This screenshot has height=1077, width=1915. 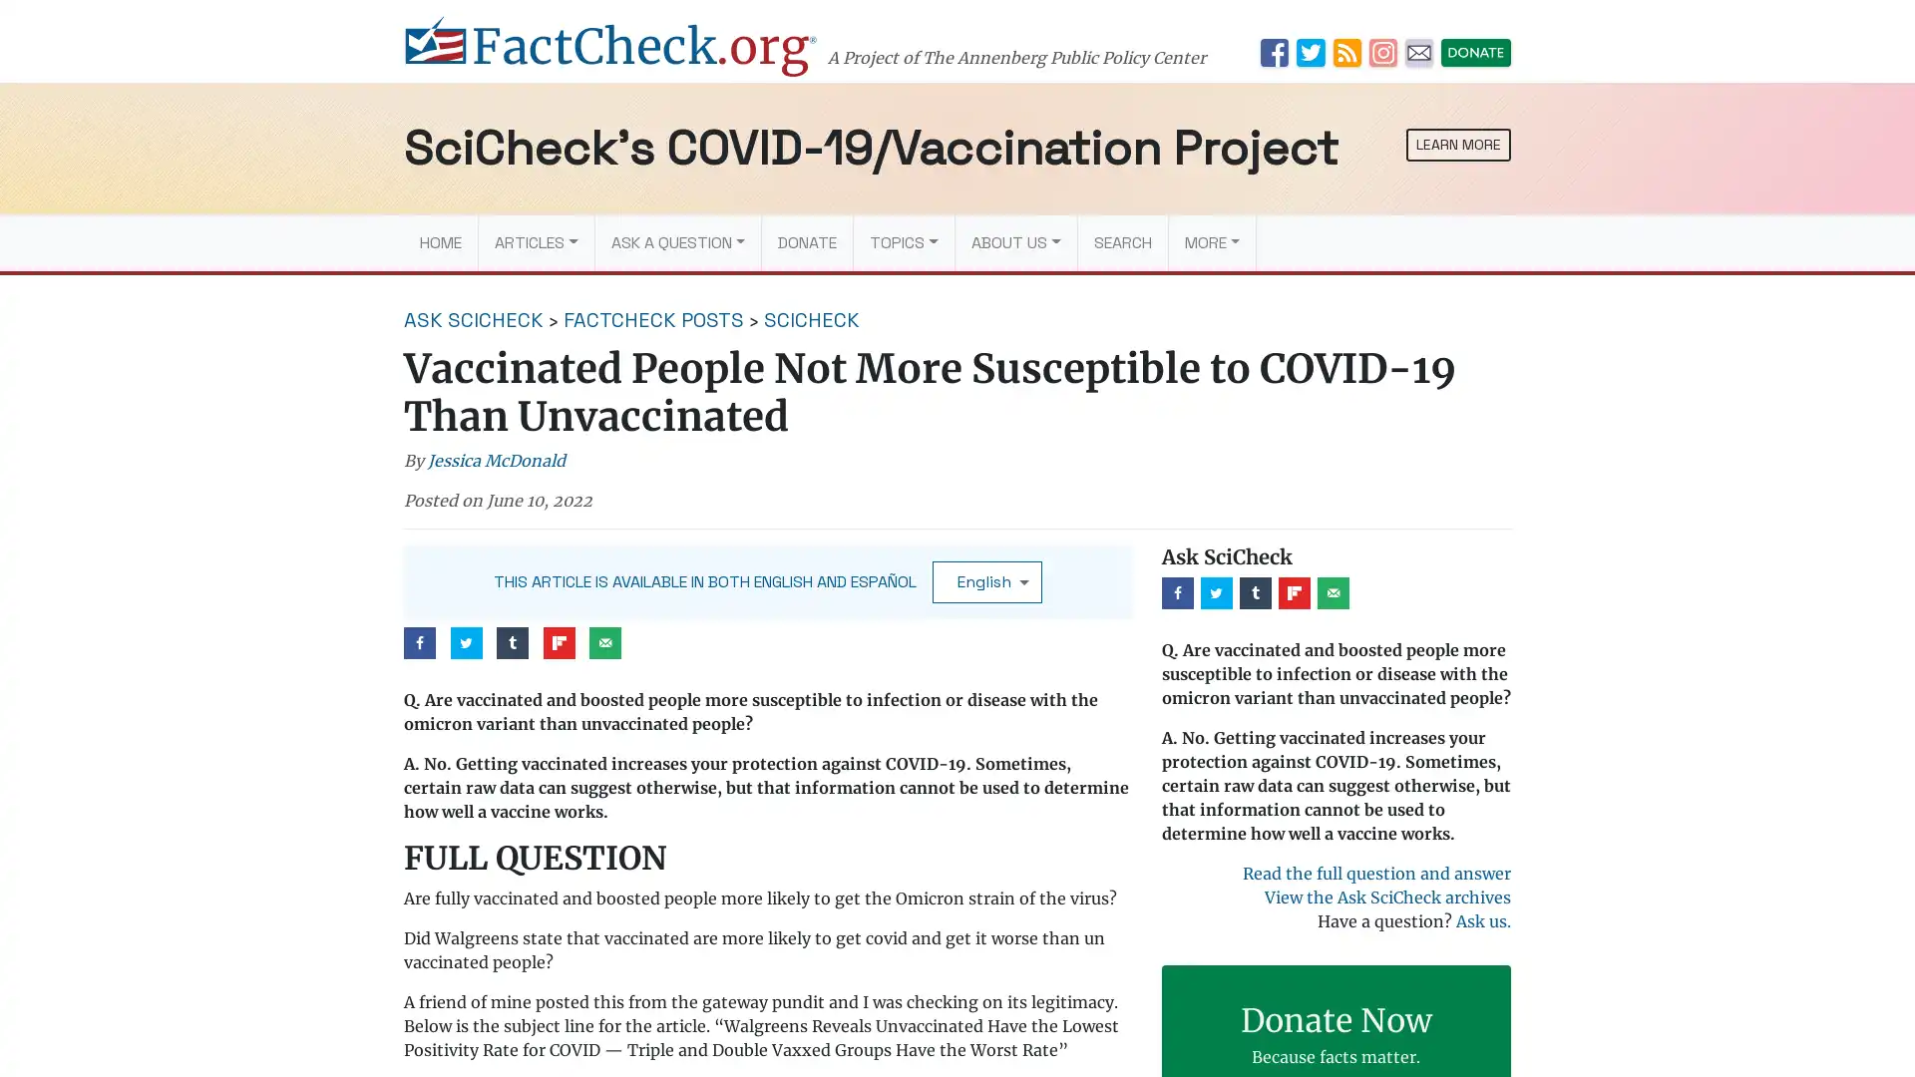 What do you see at coordinates (1458, 144) in the screenshot?
I see `LEARN MORE` at bounding box center [1458, 144].